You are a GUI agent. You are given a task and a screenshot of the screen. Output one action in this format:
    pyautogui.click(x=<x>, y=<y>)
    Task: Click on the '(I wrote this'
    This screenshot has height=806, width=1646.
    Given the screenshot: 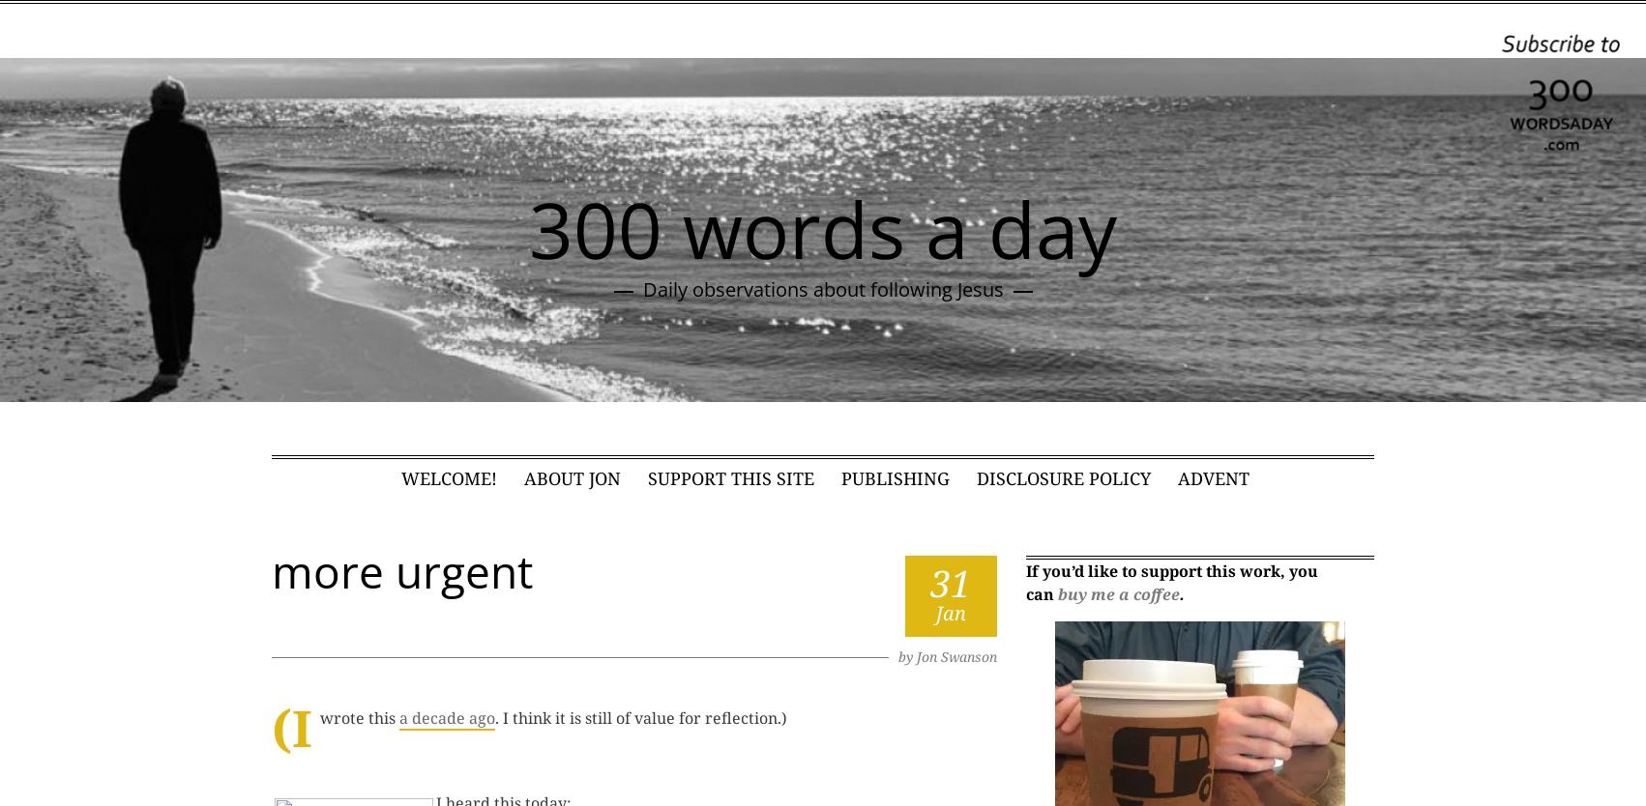 What is the action you would take?
    pyautogui.click(x=336, y=726)
    